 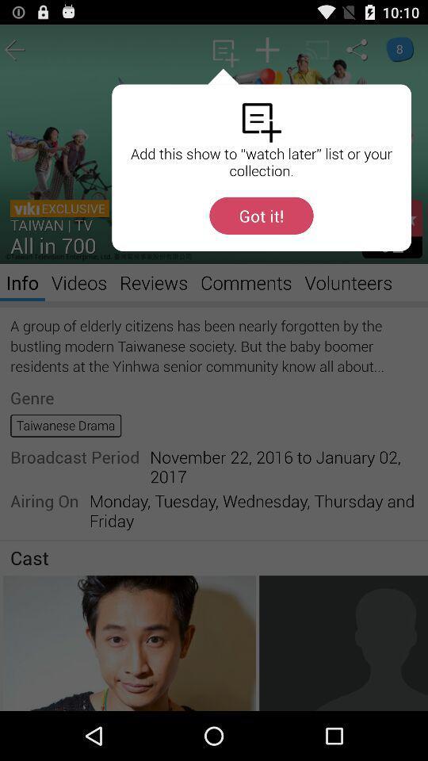 I want to click on the item at the center, so click(x=214, y=368).